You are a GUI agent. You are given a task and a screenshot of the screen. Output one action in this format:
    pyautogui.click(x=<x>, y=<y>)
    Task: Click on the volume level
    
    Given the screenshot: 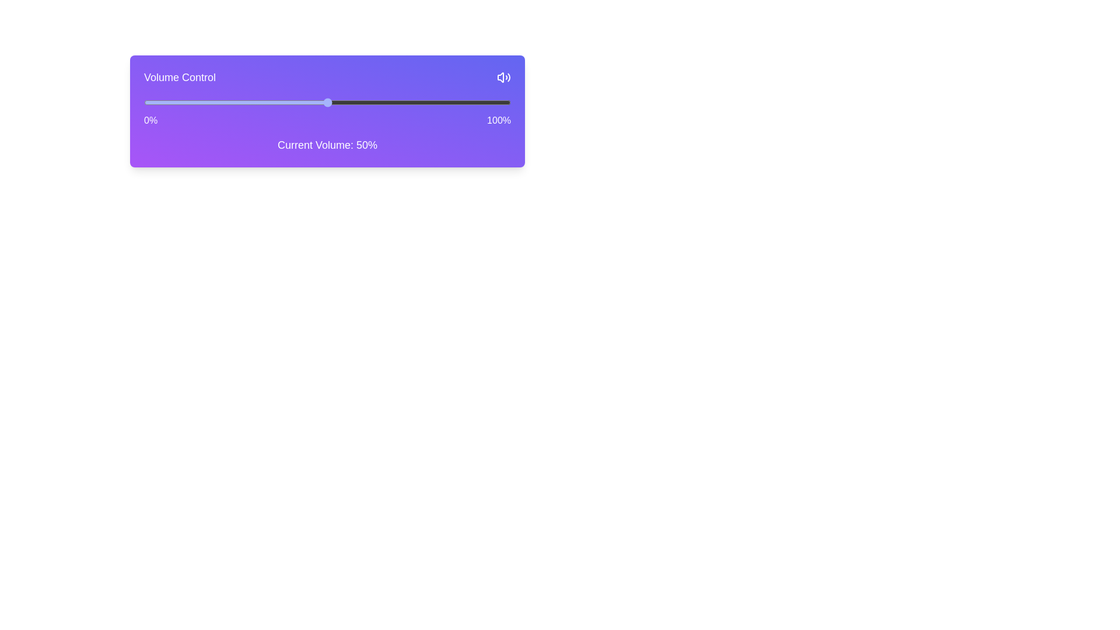 What is the action you would take?
    pyautogui.click(x=375, y=102)
    